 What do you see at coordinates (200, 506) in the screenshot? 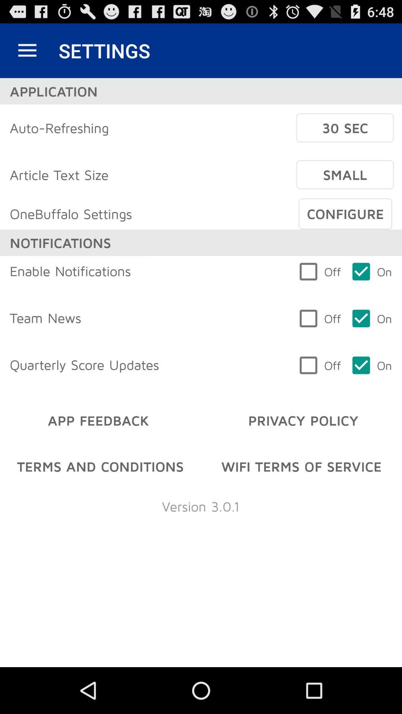
I see `the version 3 0` at bounding box center [200, 506].